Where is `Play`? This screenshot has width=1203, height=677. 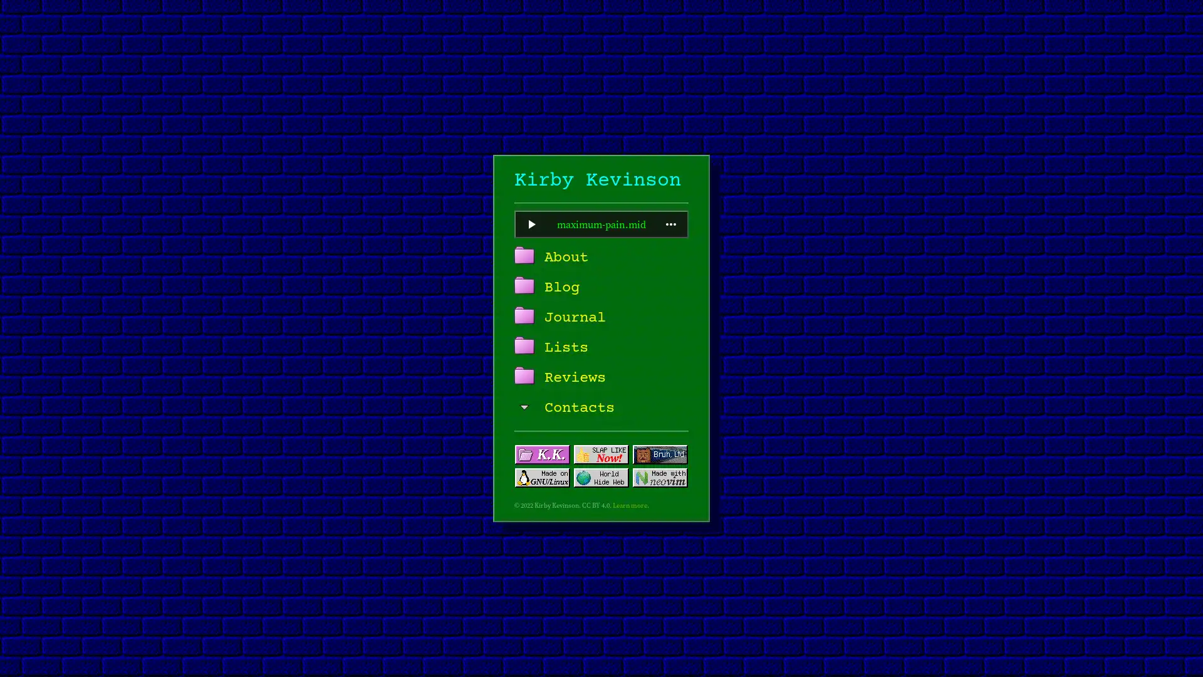 Play is located at coordinates (531, 224).